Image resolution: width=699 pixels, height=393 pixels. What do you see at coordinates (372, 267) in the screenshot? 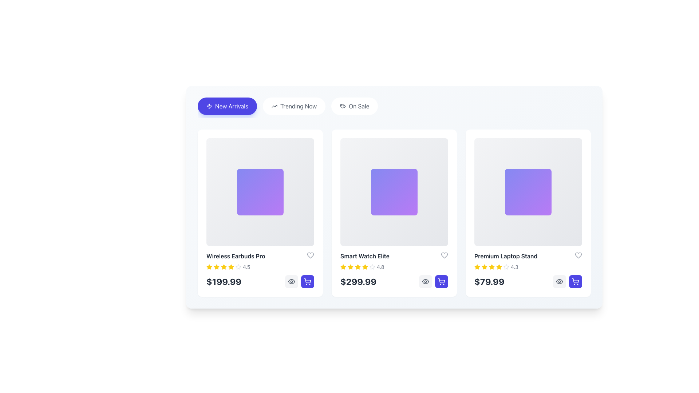
I see `the star icon, which is the last in the sequence of rating stars above the price label '299.99' and to the right of the product name 'Smart Watch Elite'` at bounding box center [372, 267].